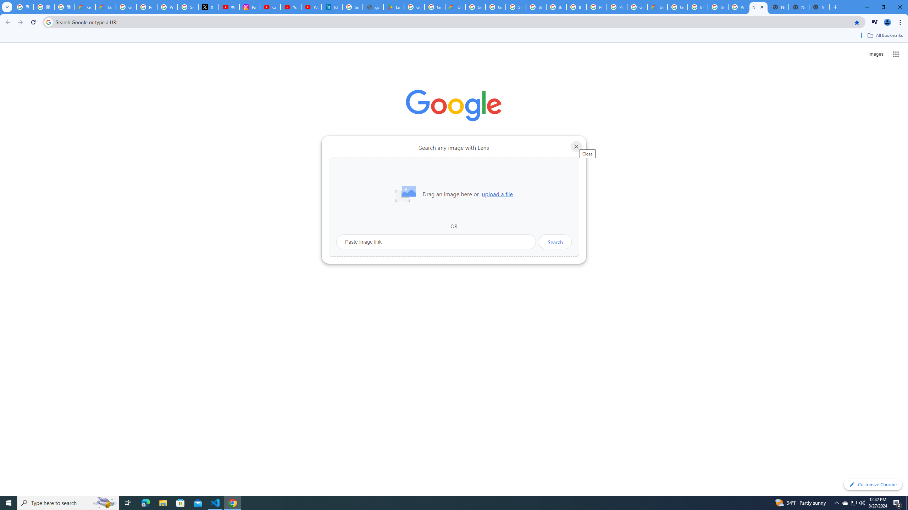 The image size is (908, 510). What do you see at coordinates (901, 22) in the screenshot?
I see `'Chrome'` at bounding box center [901, 22].